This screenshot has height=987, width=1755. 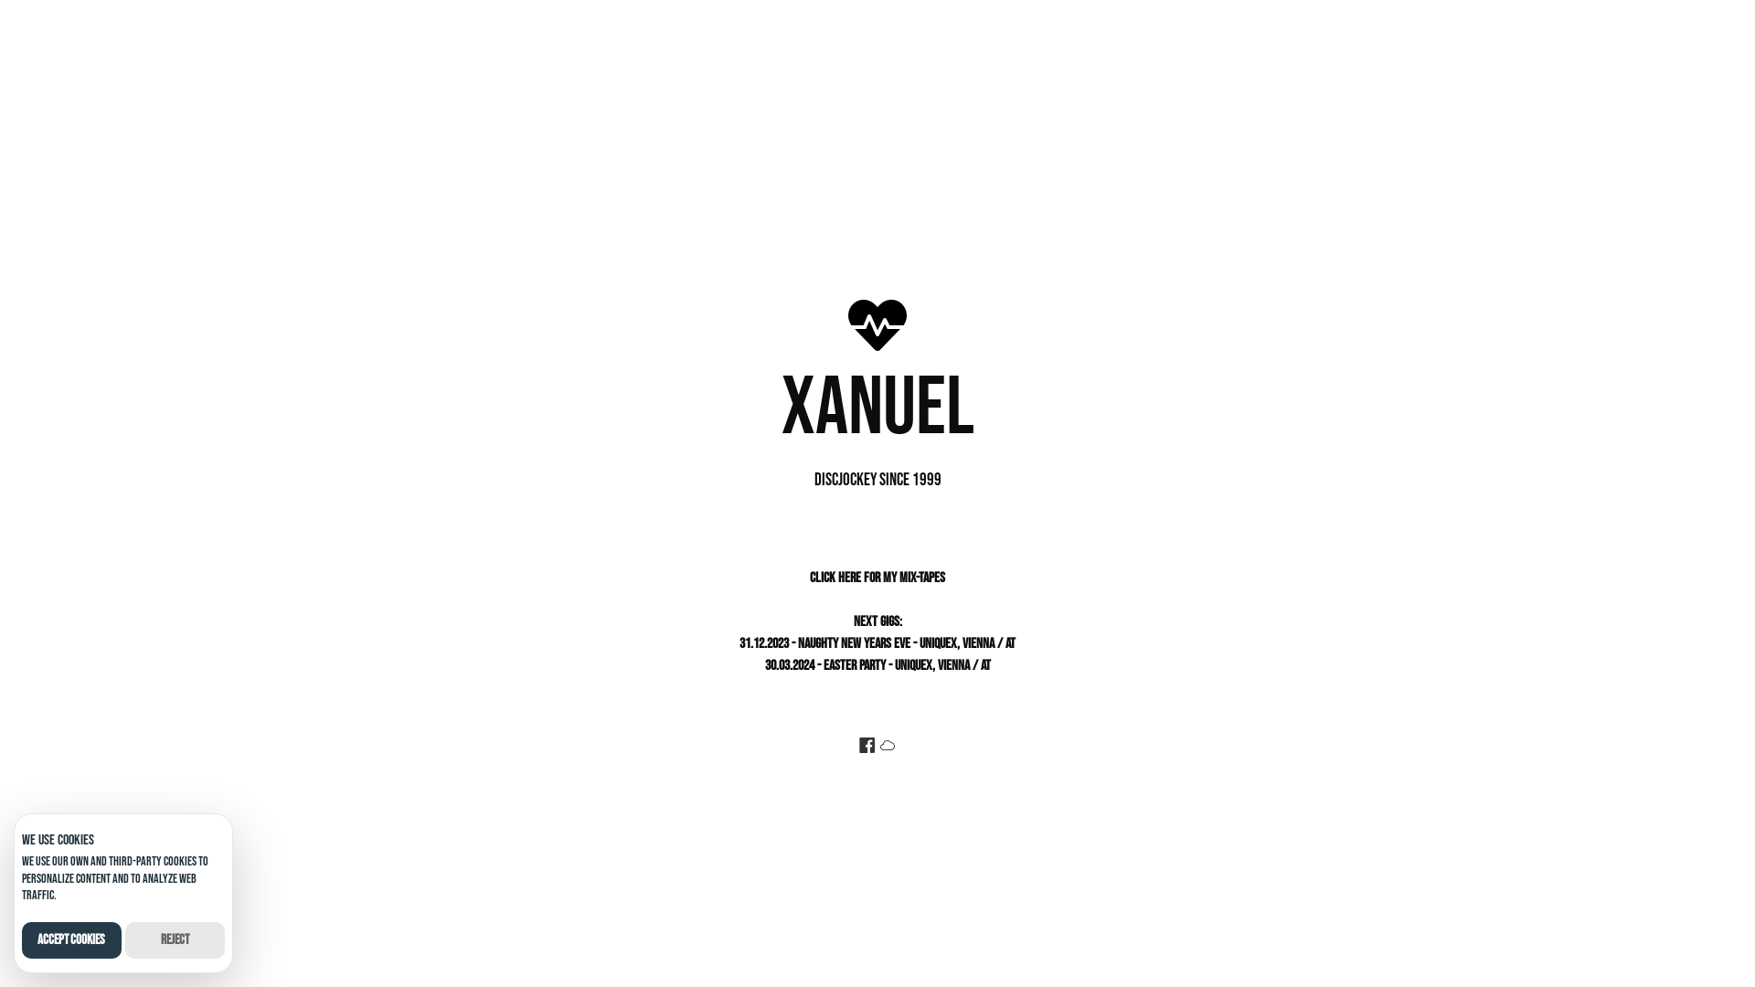 I want to click on 'Reject', so click(x=175, y=940).